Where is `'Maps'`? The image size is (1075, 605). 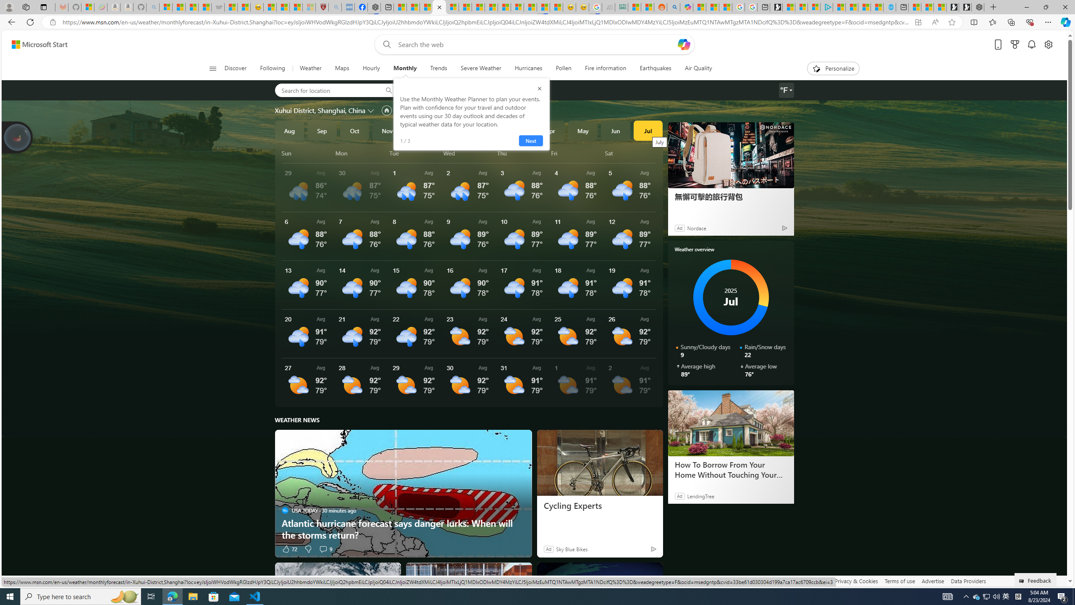 'Maps' is located at coordinates (342, 68).